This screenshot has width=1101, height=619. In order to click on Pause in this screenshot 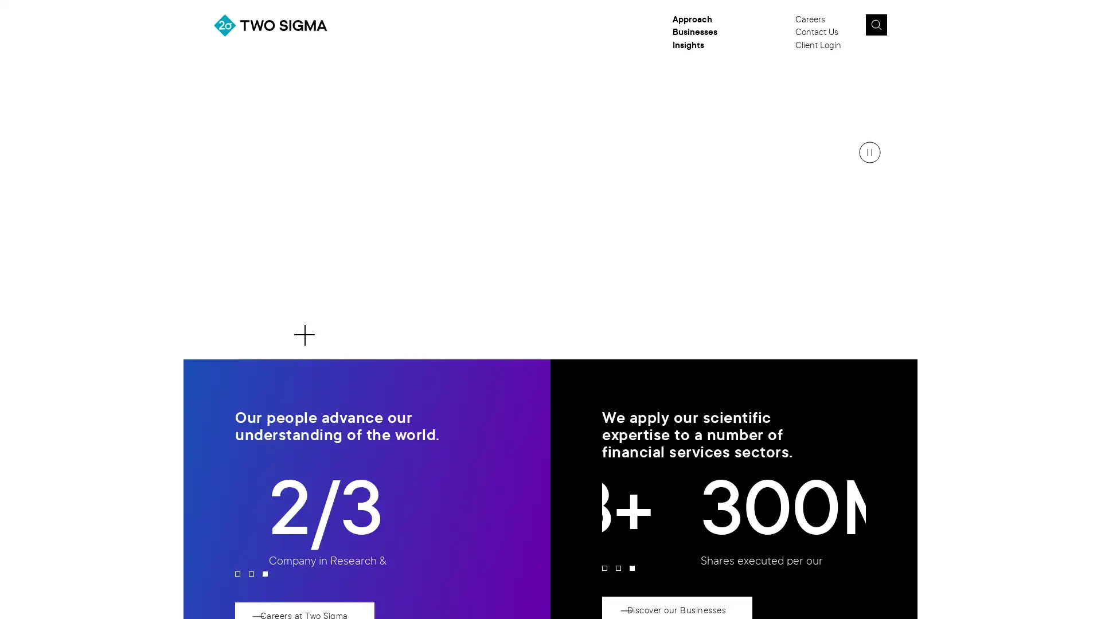, I will do `click(869, 152)`.